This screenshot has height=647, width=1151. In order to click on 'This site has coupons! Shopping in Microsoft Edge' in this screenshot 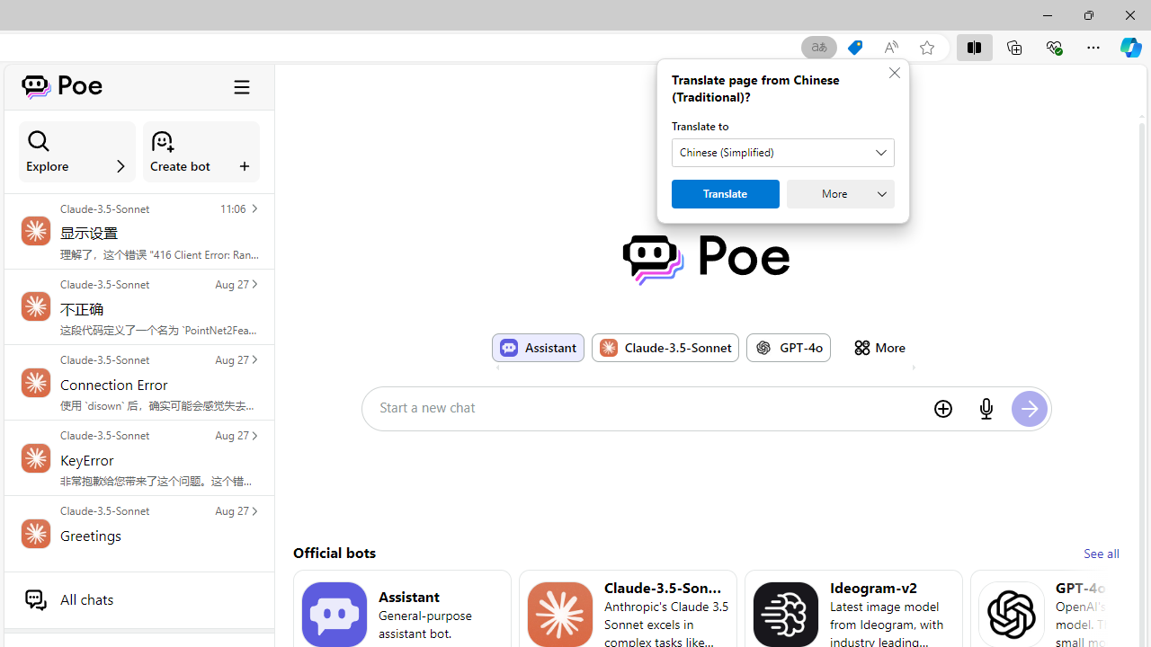, I will do `click(854, 47)`.